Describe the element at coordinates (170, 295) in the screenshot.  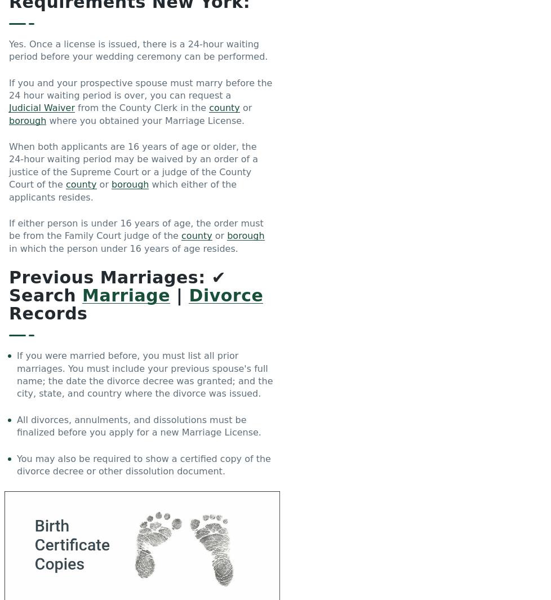
I see `'|'` at that location.